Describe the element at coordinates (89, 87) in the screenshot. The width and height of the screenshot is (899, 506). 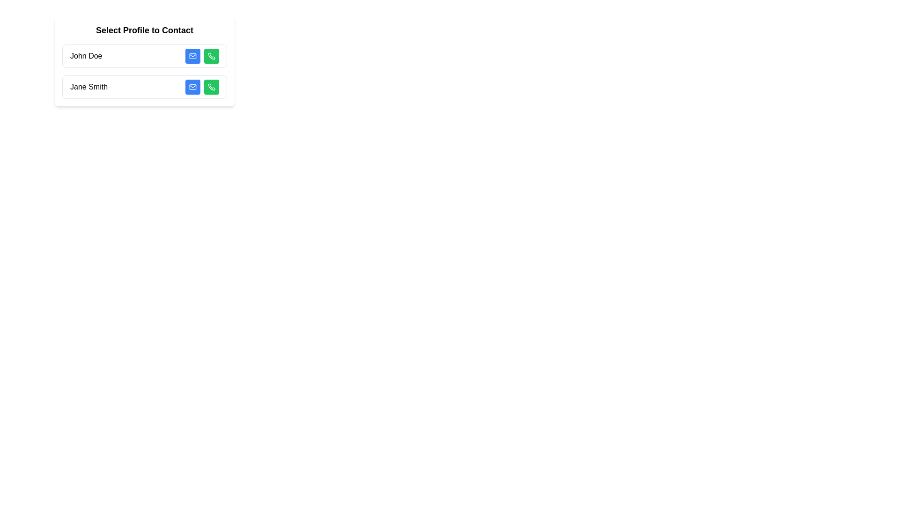
I see `the label displaying 'Jane Smith' located in the second profile card of the 'Select Profile to Contact' section, positioned above two interactive buttons` at that location.